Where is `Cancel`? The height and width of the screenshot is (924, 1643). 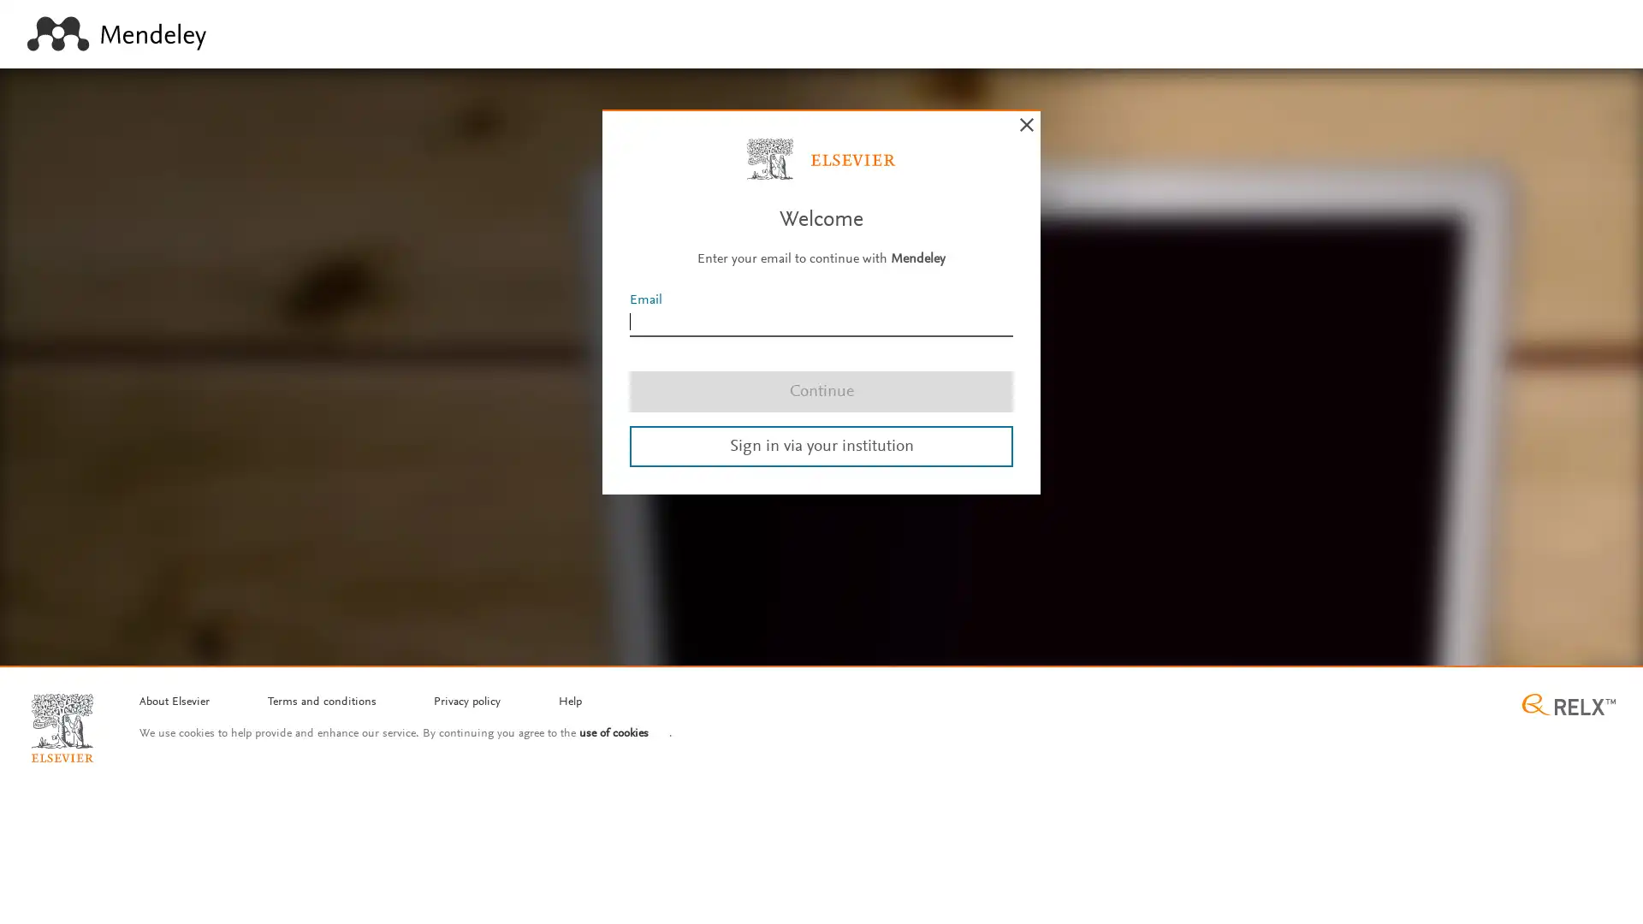 Cancel is located at coordinates (1027, 124).